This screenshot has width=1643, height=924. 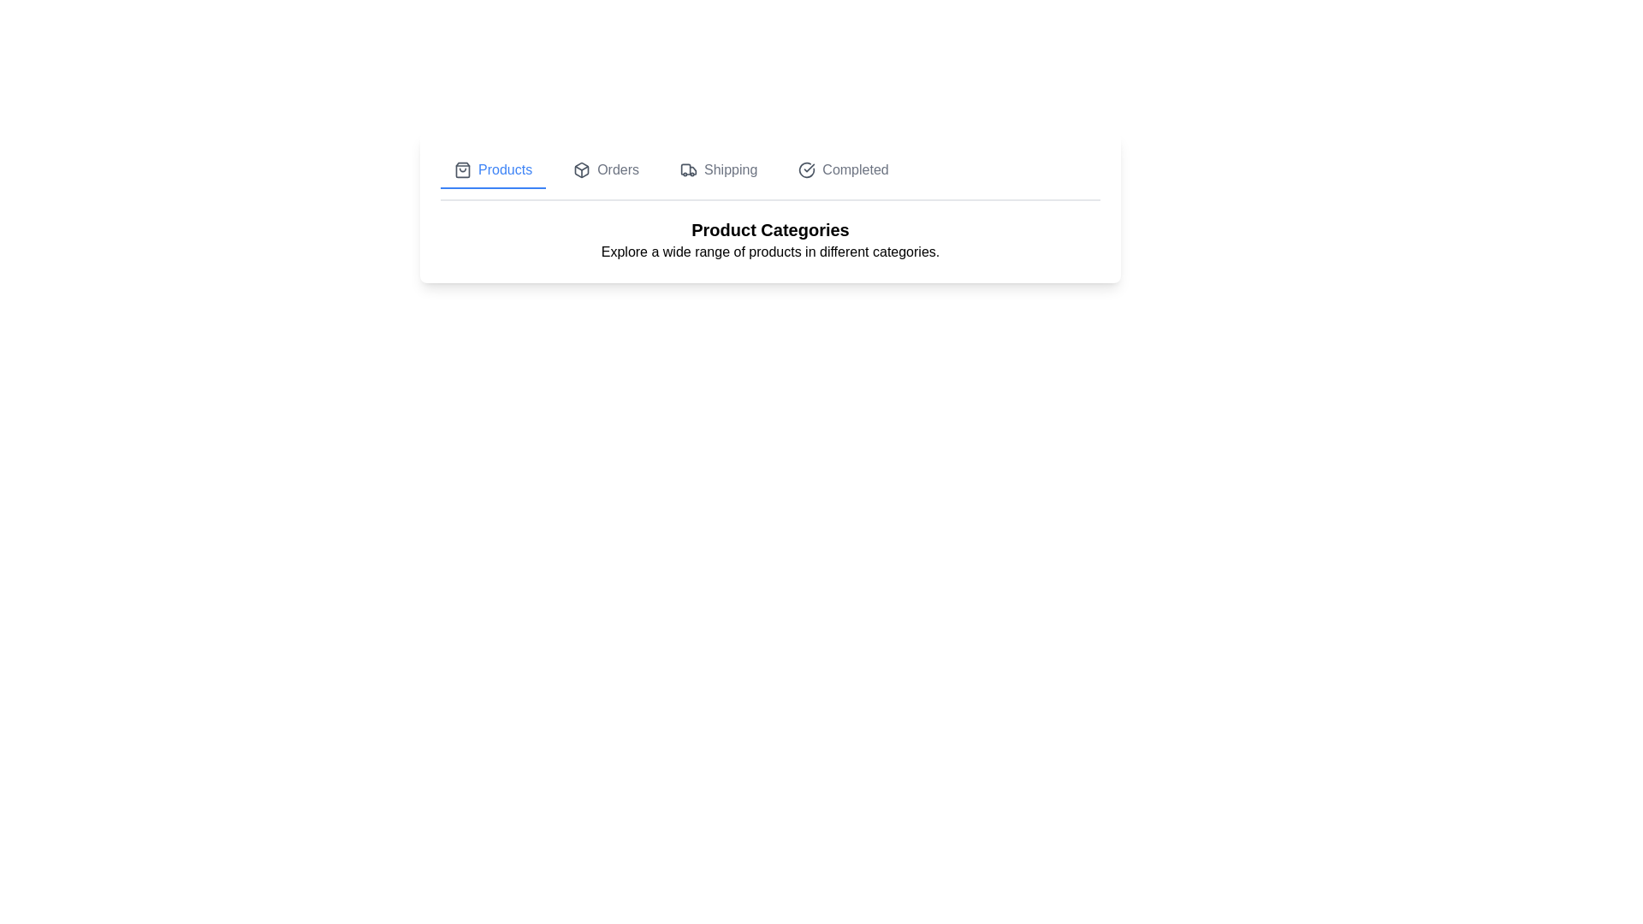 What do you see at coordinates (719, 171) in the screenshot?
I see `the third navigation button in the horizontal menu bar, which is related to shipping details, to change its color to blue` at bounding box center [719, 171].